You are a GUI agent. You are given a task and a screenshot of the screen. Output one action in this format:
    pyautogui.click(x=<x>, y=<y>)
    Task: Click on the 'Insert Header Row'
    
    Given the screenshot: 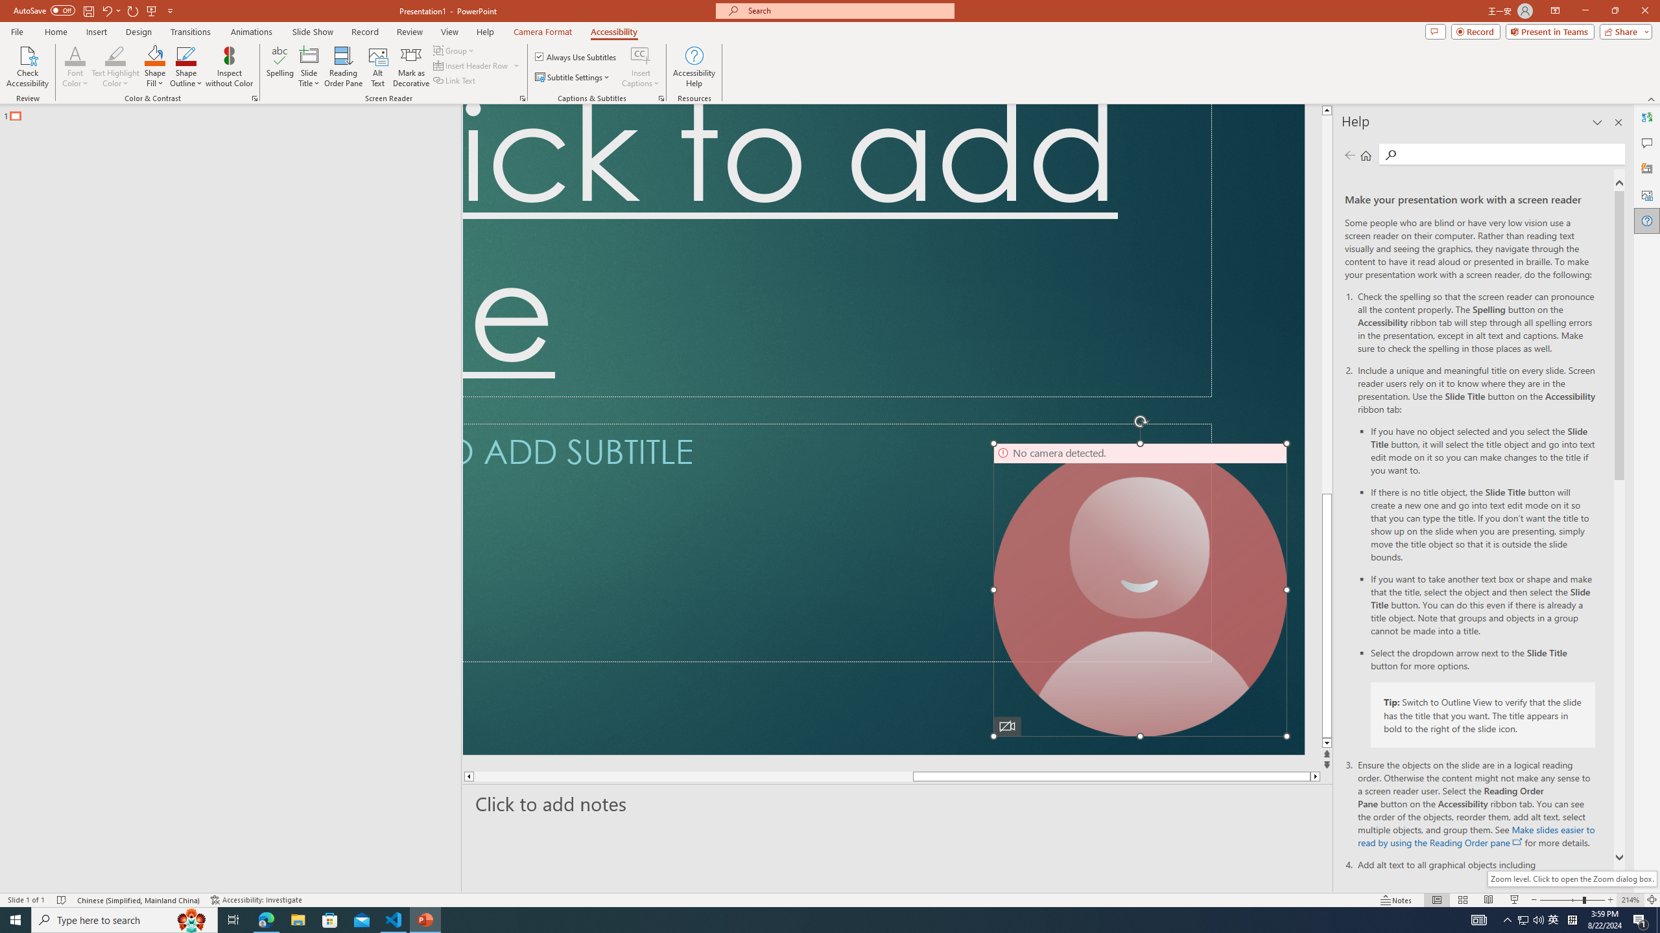 What is the action you would take?
    pyautogui.click(x=477, y=64)
    